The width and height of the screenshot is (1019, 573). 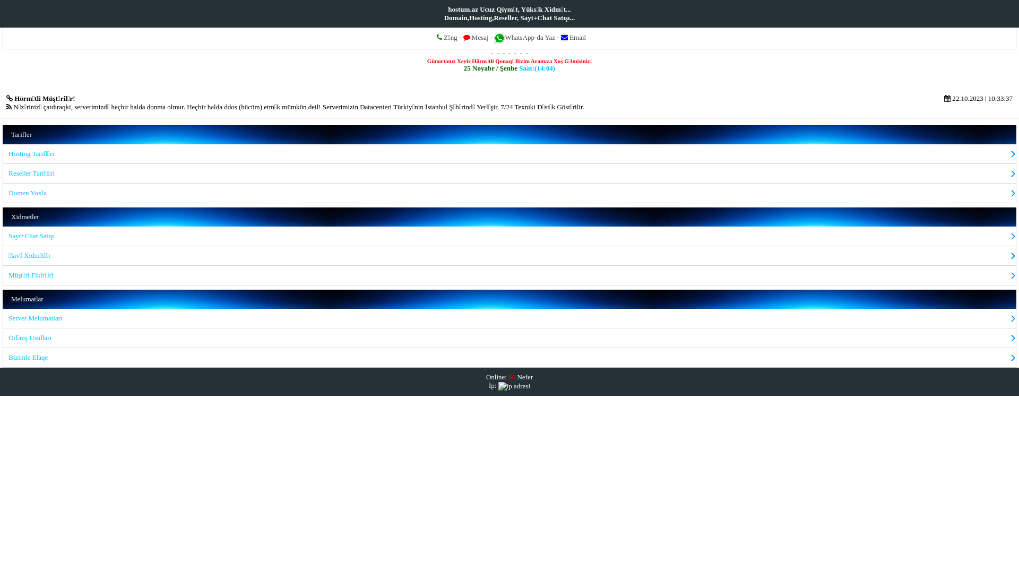 I want to click on 'Mesaj', so click(x=476, y=37).